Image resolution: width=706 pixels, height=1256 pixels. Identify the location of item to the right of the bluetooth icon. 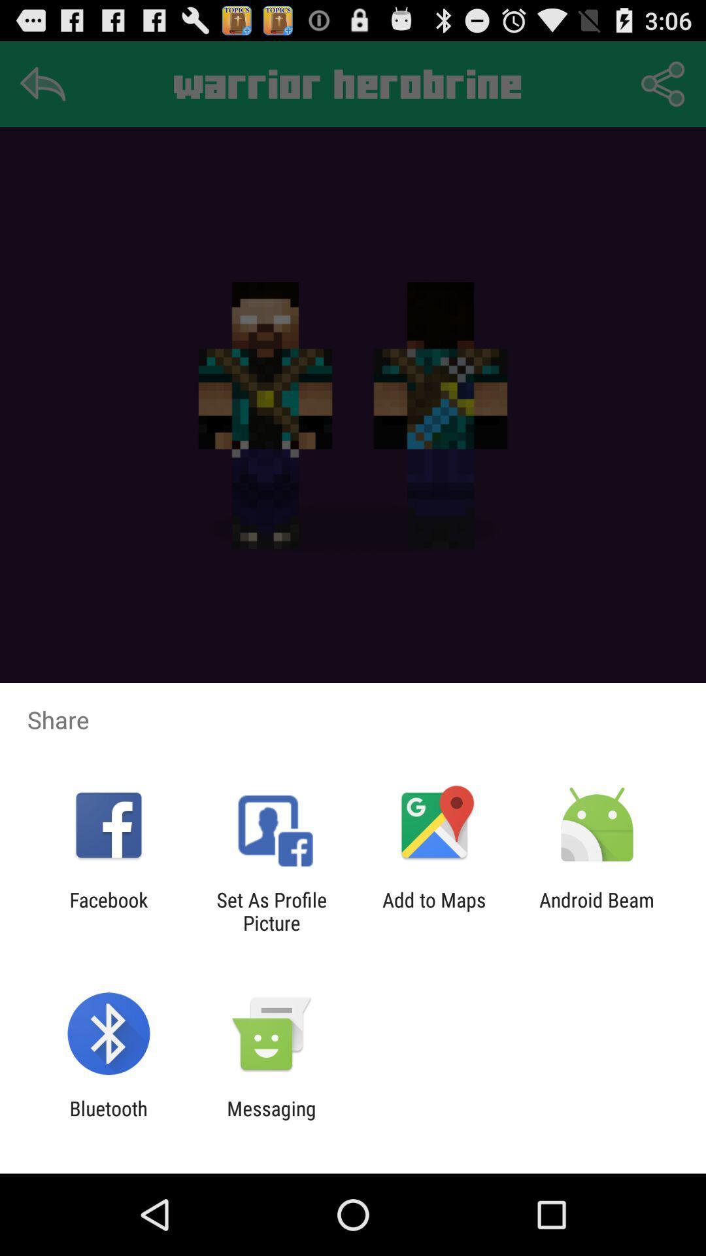
(271, 1119).